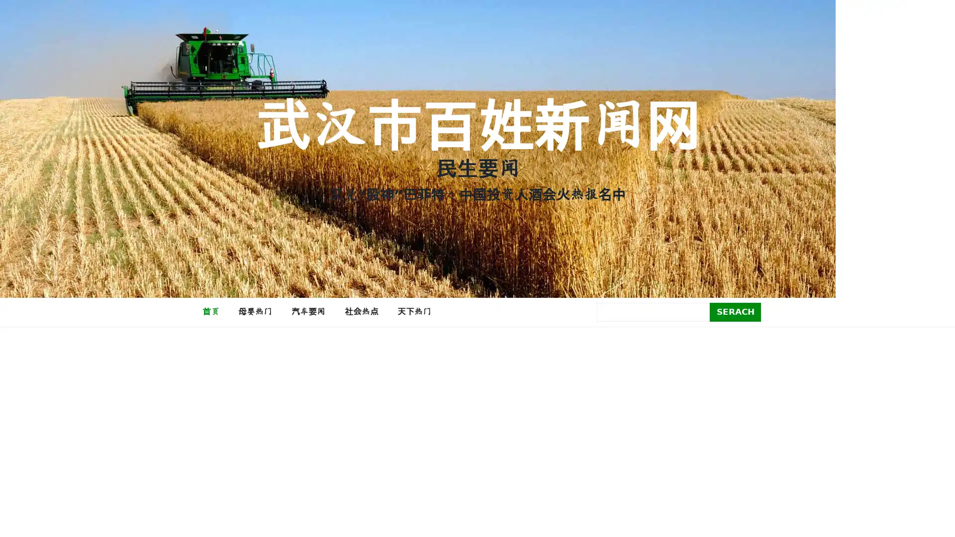  Describe the element at coordinates (735, 311) in the screenshot. I see `serach` at that location.